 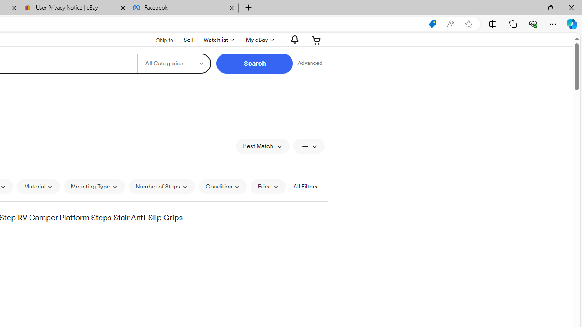 What do you see at coordinates (316, 40) in the screenshot?
I see `'Expand Cart'` at bounding box center [316, 40].